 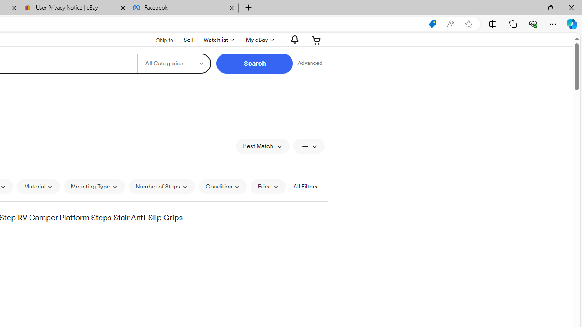 What do you see at coordinates (316, 40) in the screenshot?
I see `'Expand Cart'` at bounding box center [316, 40].